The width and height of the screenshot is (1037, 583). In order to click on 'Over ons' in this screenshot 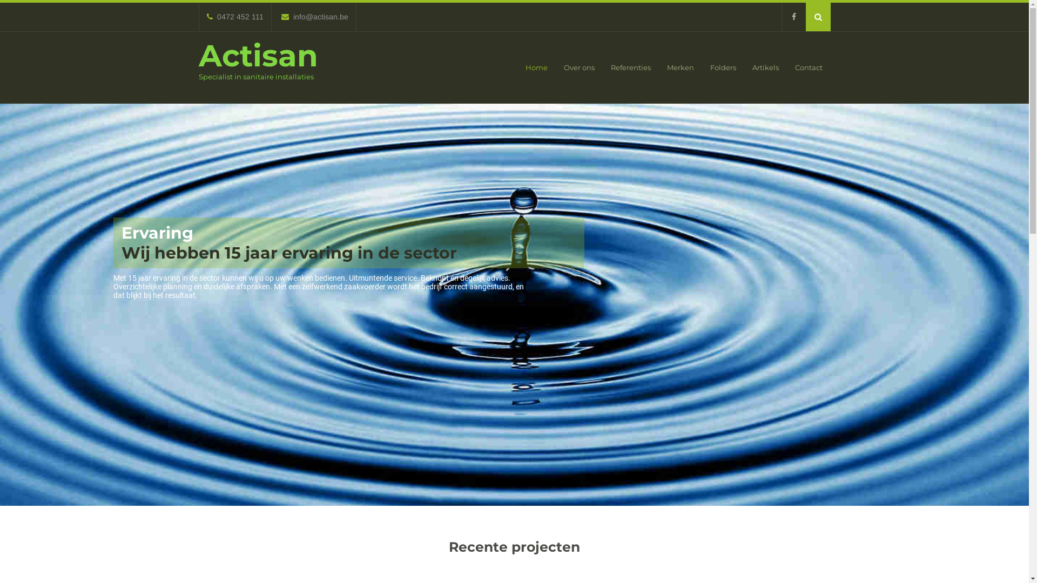, I will do `click(555, 67)`.